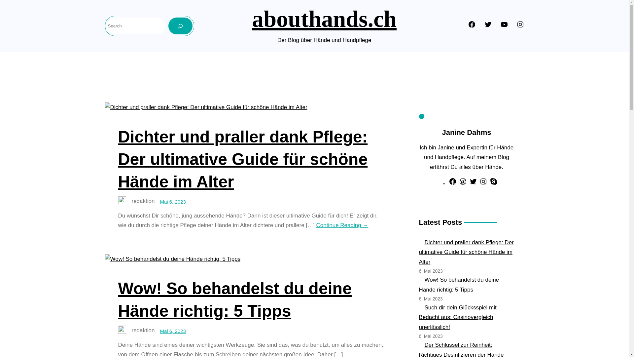 This screenshot has width=634, height=357. I want to click on 'Facebook', so click(452, 183).